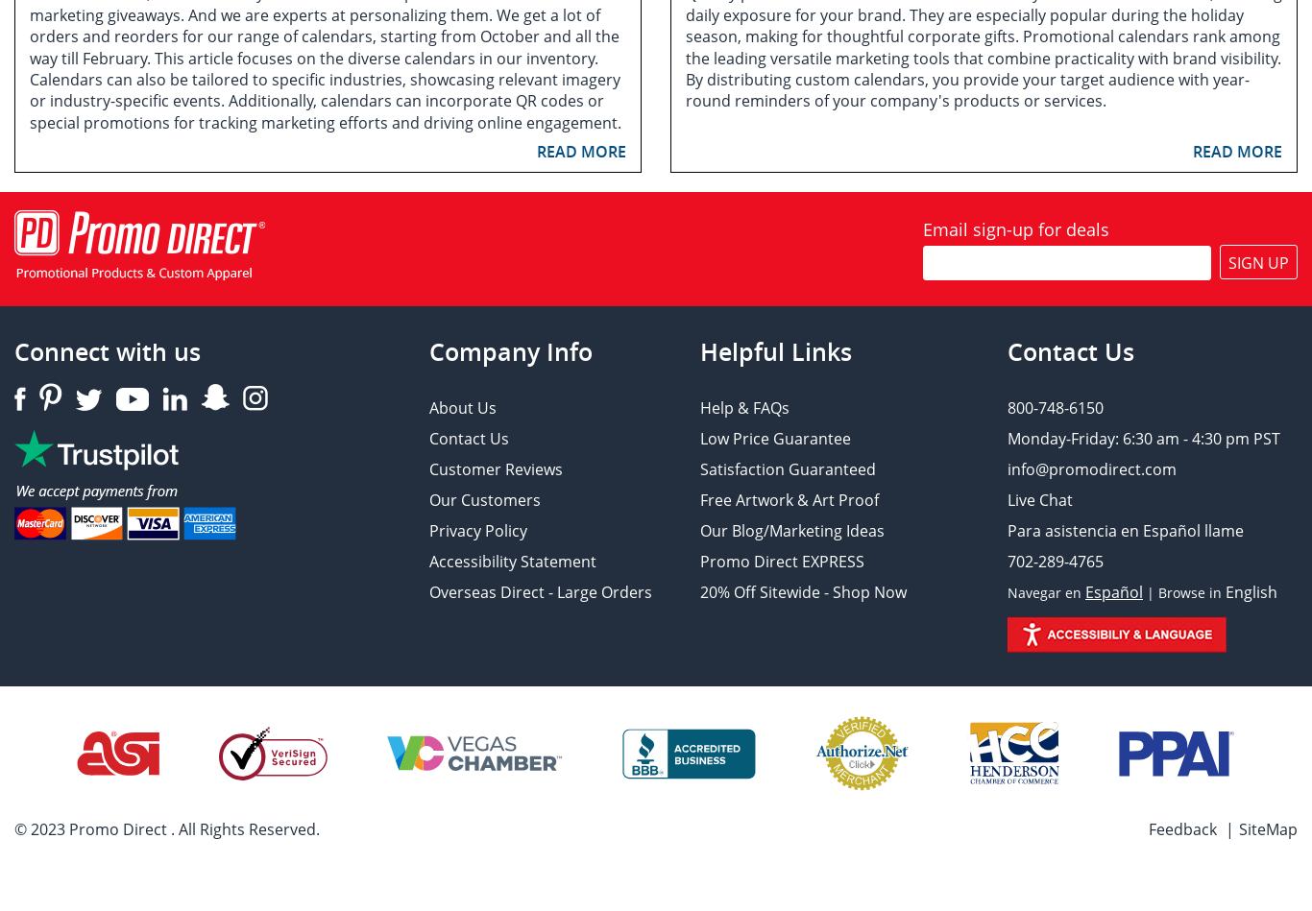 This screenshot has height=911, width=1312. Describe the element at coordinates (781, 560) in the screenshot. I see `'Promo Direct EXPRESS'` at that location.